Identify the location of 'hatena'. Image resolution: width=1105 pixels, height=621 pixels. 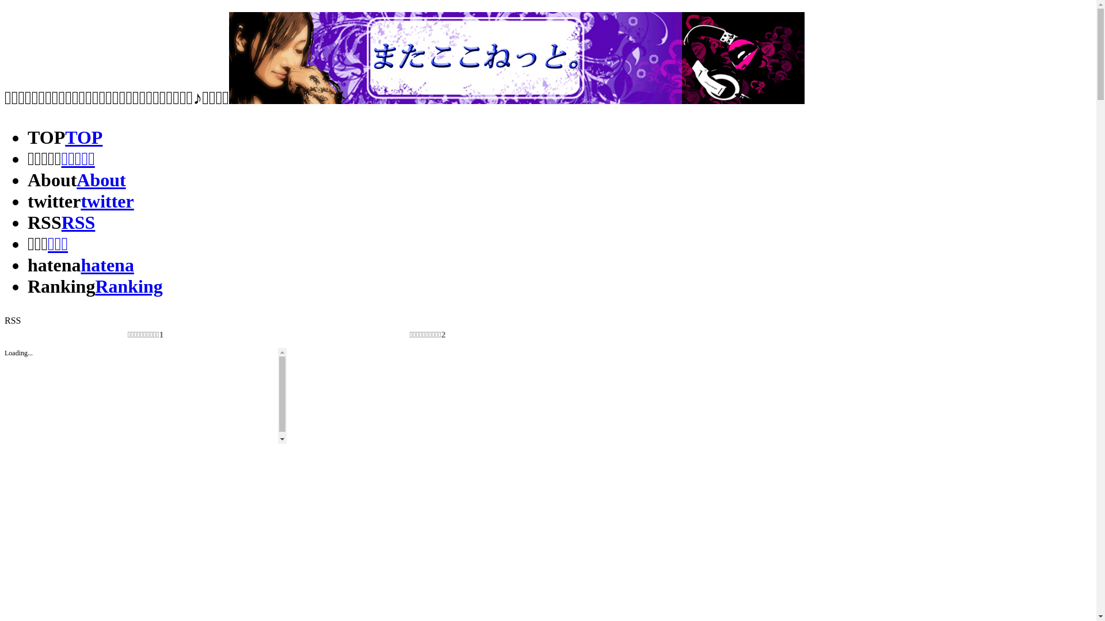
(107, 265).